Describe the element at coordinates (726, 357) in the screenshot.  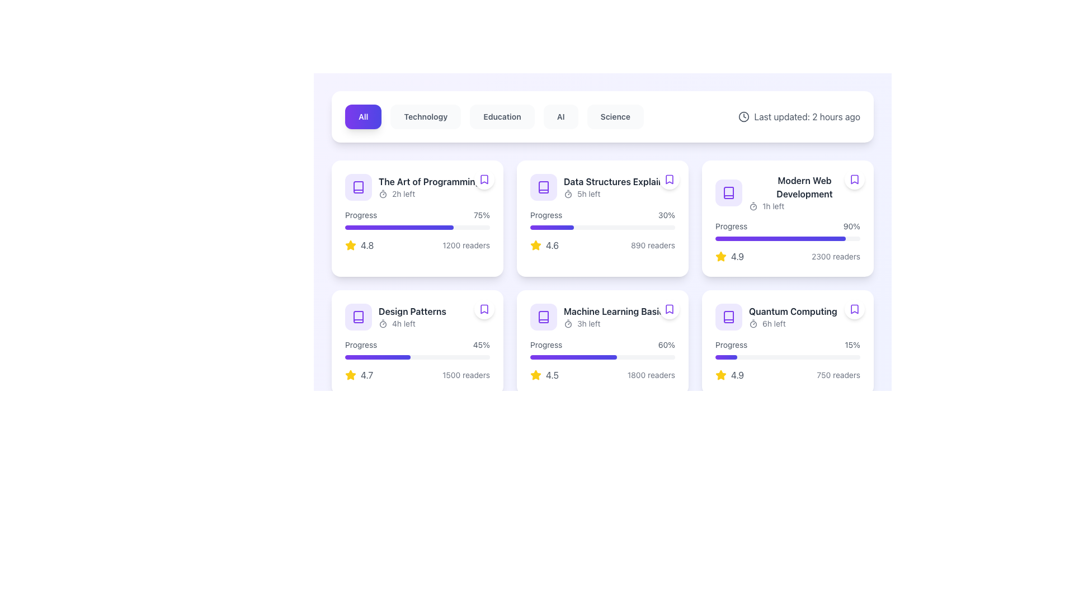
I see `the leftmost segment of the progress bar under the 'Quantum Computing' card, which has a gradient color from violet to indigo and is located in the bottom-right corner of the grid layout` at that location.